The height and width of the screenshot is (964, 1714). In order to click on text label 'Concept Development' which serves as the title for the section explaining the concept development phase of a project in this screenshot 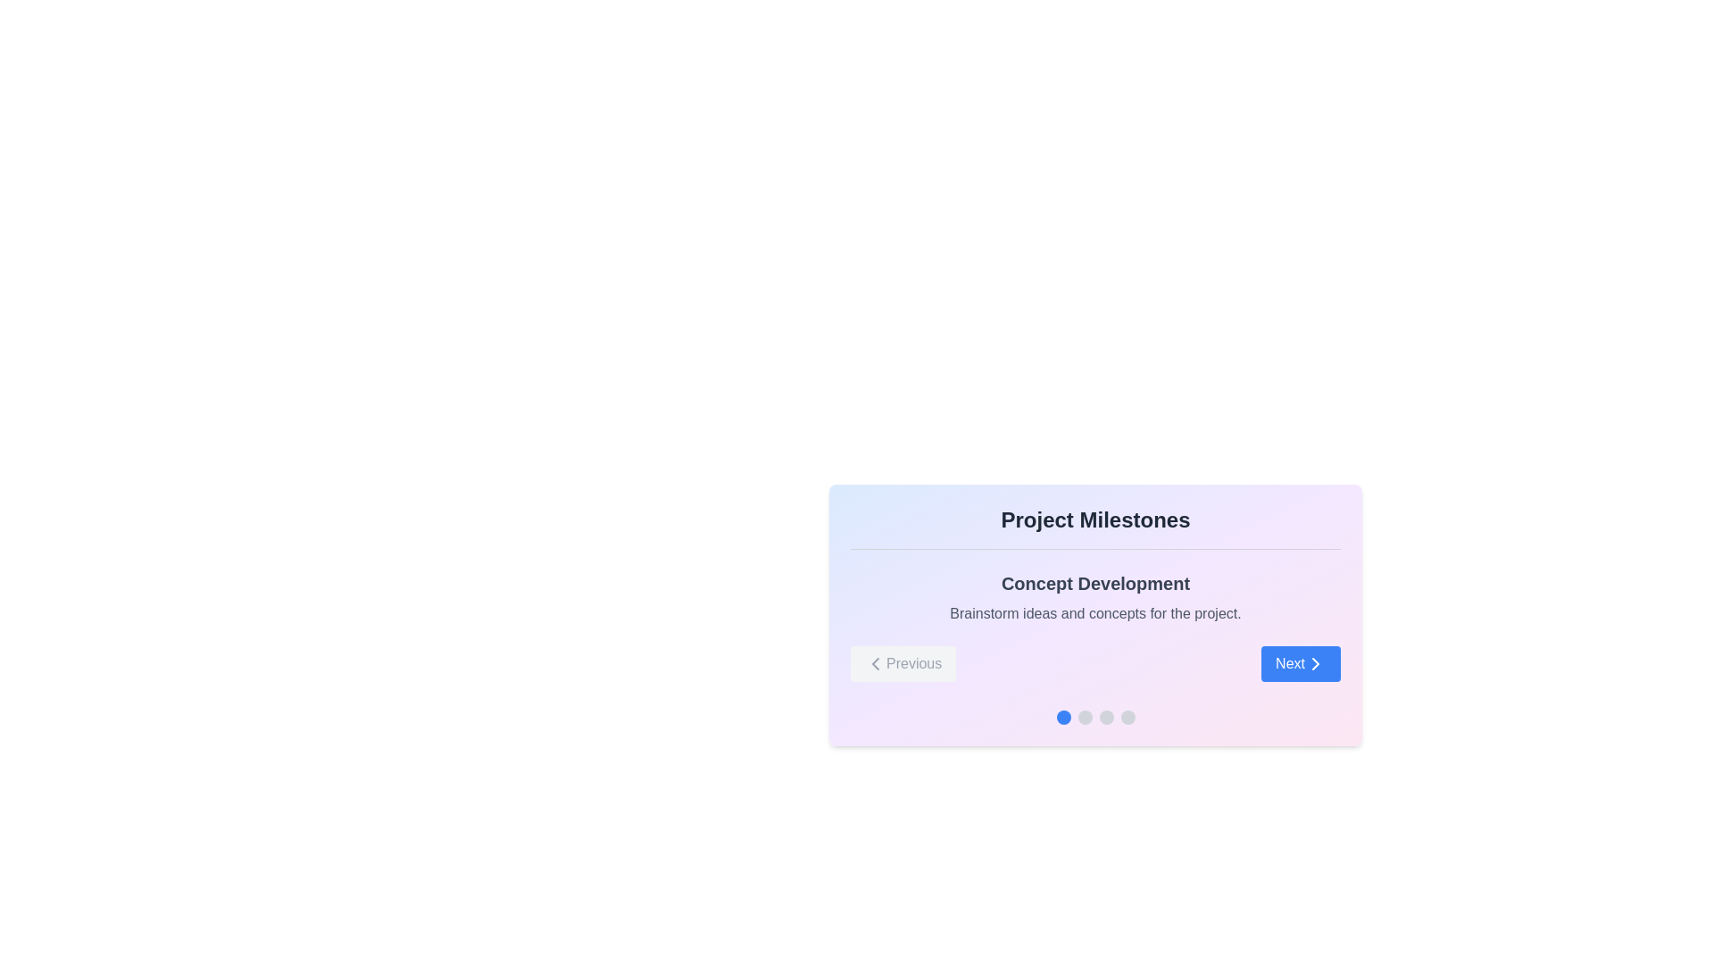, I will do `click(1094, 584)`.